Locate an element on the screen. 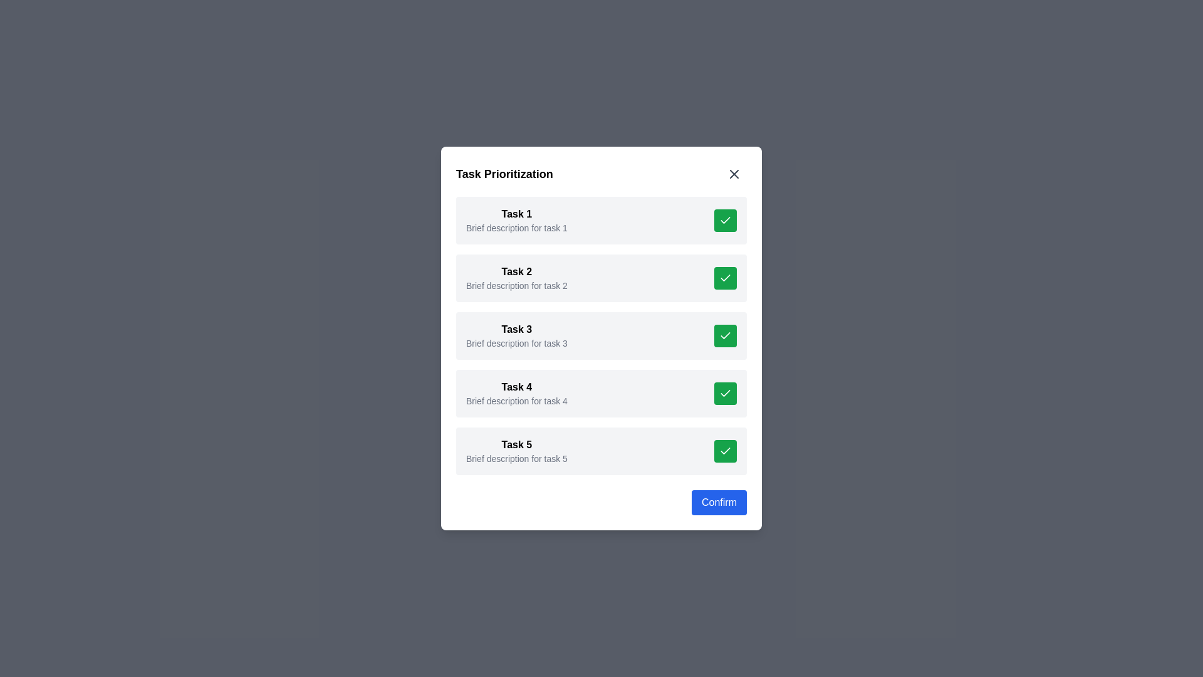 The width and height of the screenshot is (1203, 677). the static text label 'Task 3', which is styled in bold and is the title of the third task item under 'Task Prioritization' is located at coordinates (517, 328).